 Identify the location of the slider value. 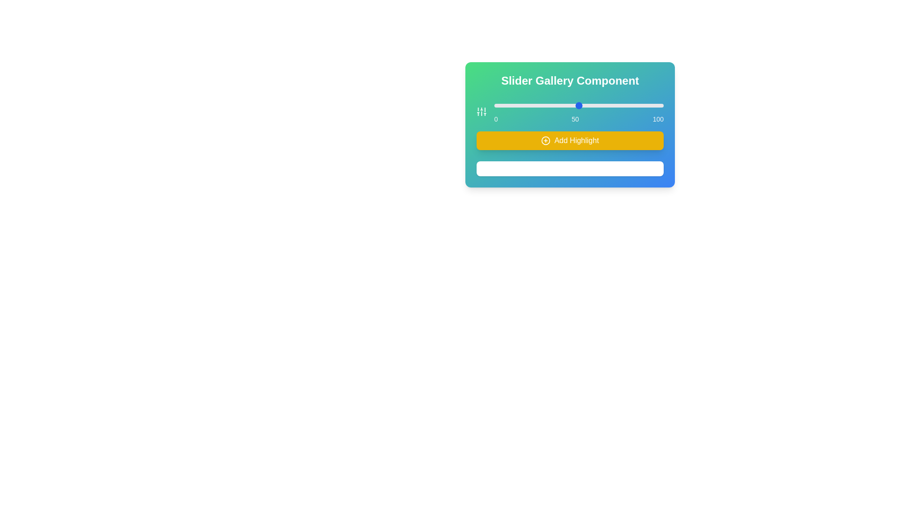
(506, 105).